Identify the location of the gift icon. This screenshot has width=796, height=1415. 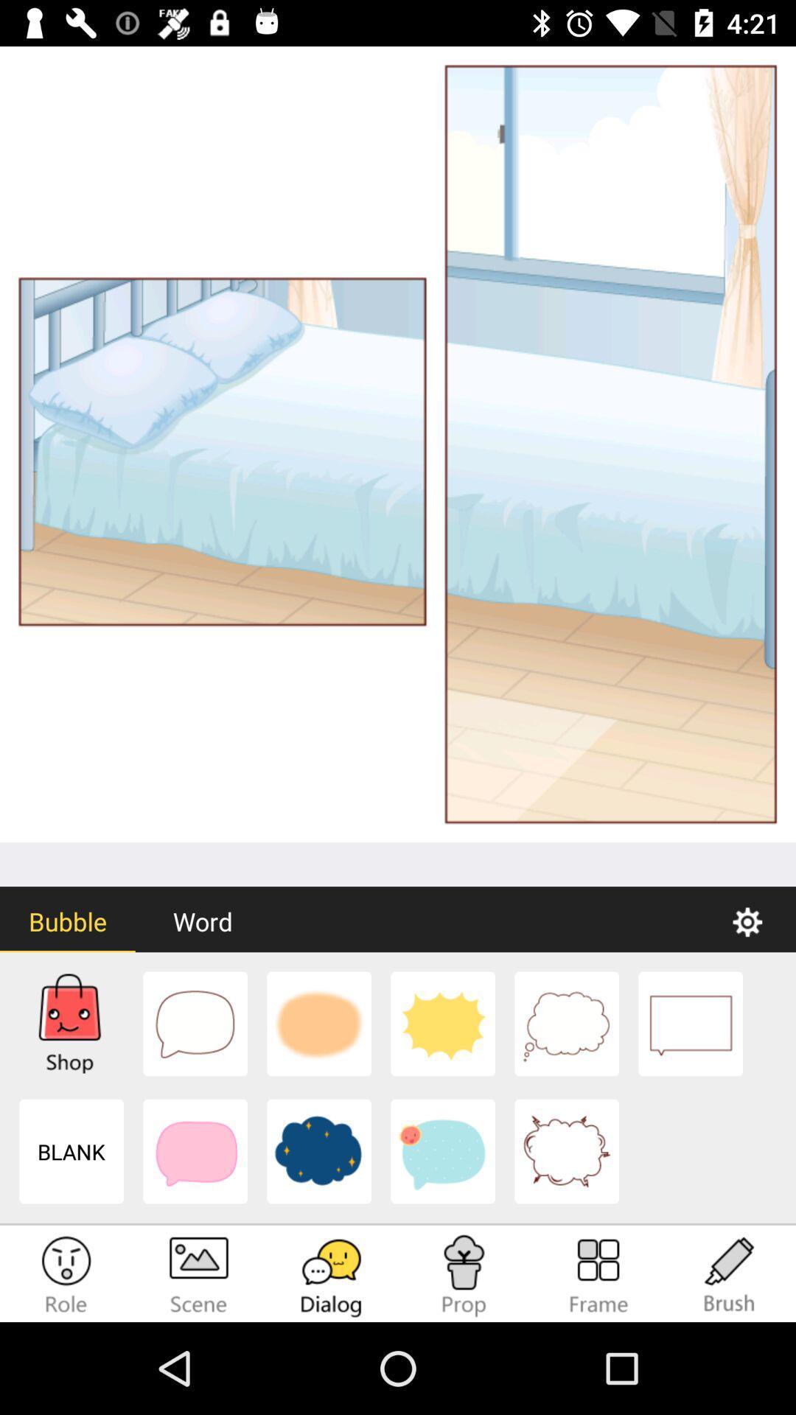
(463, 1275).